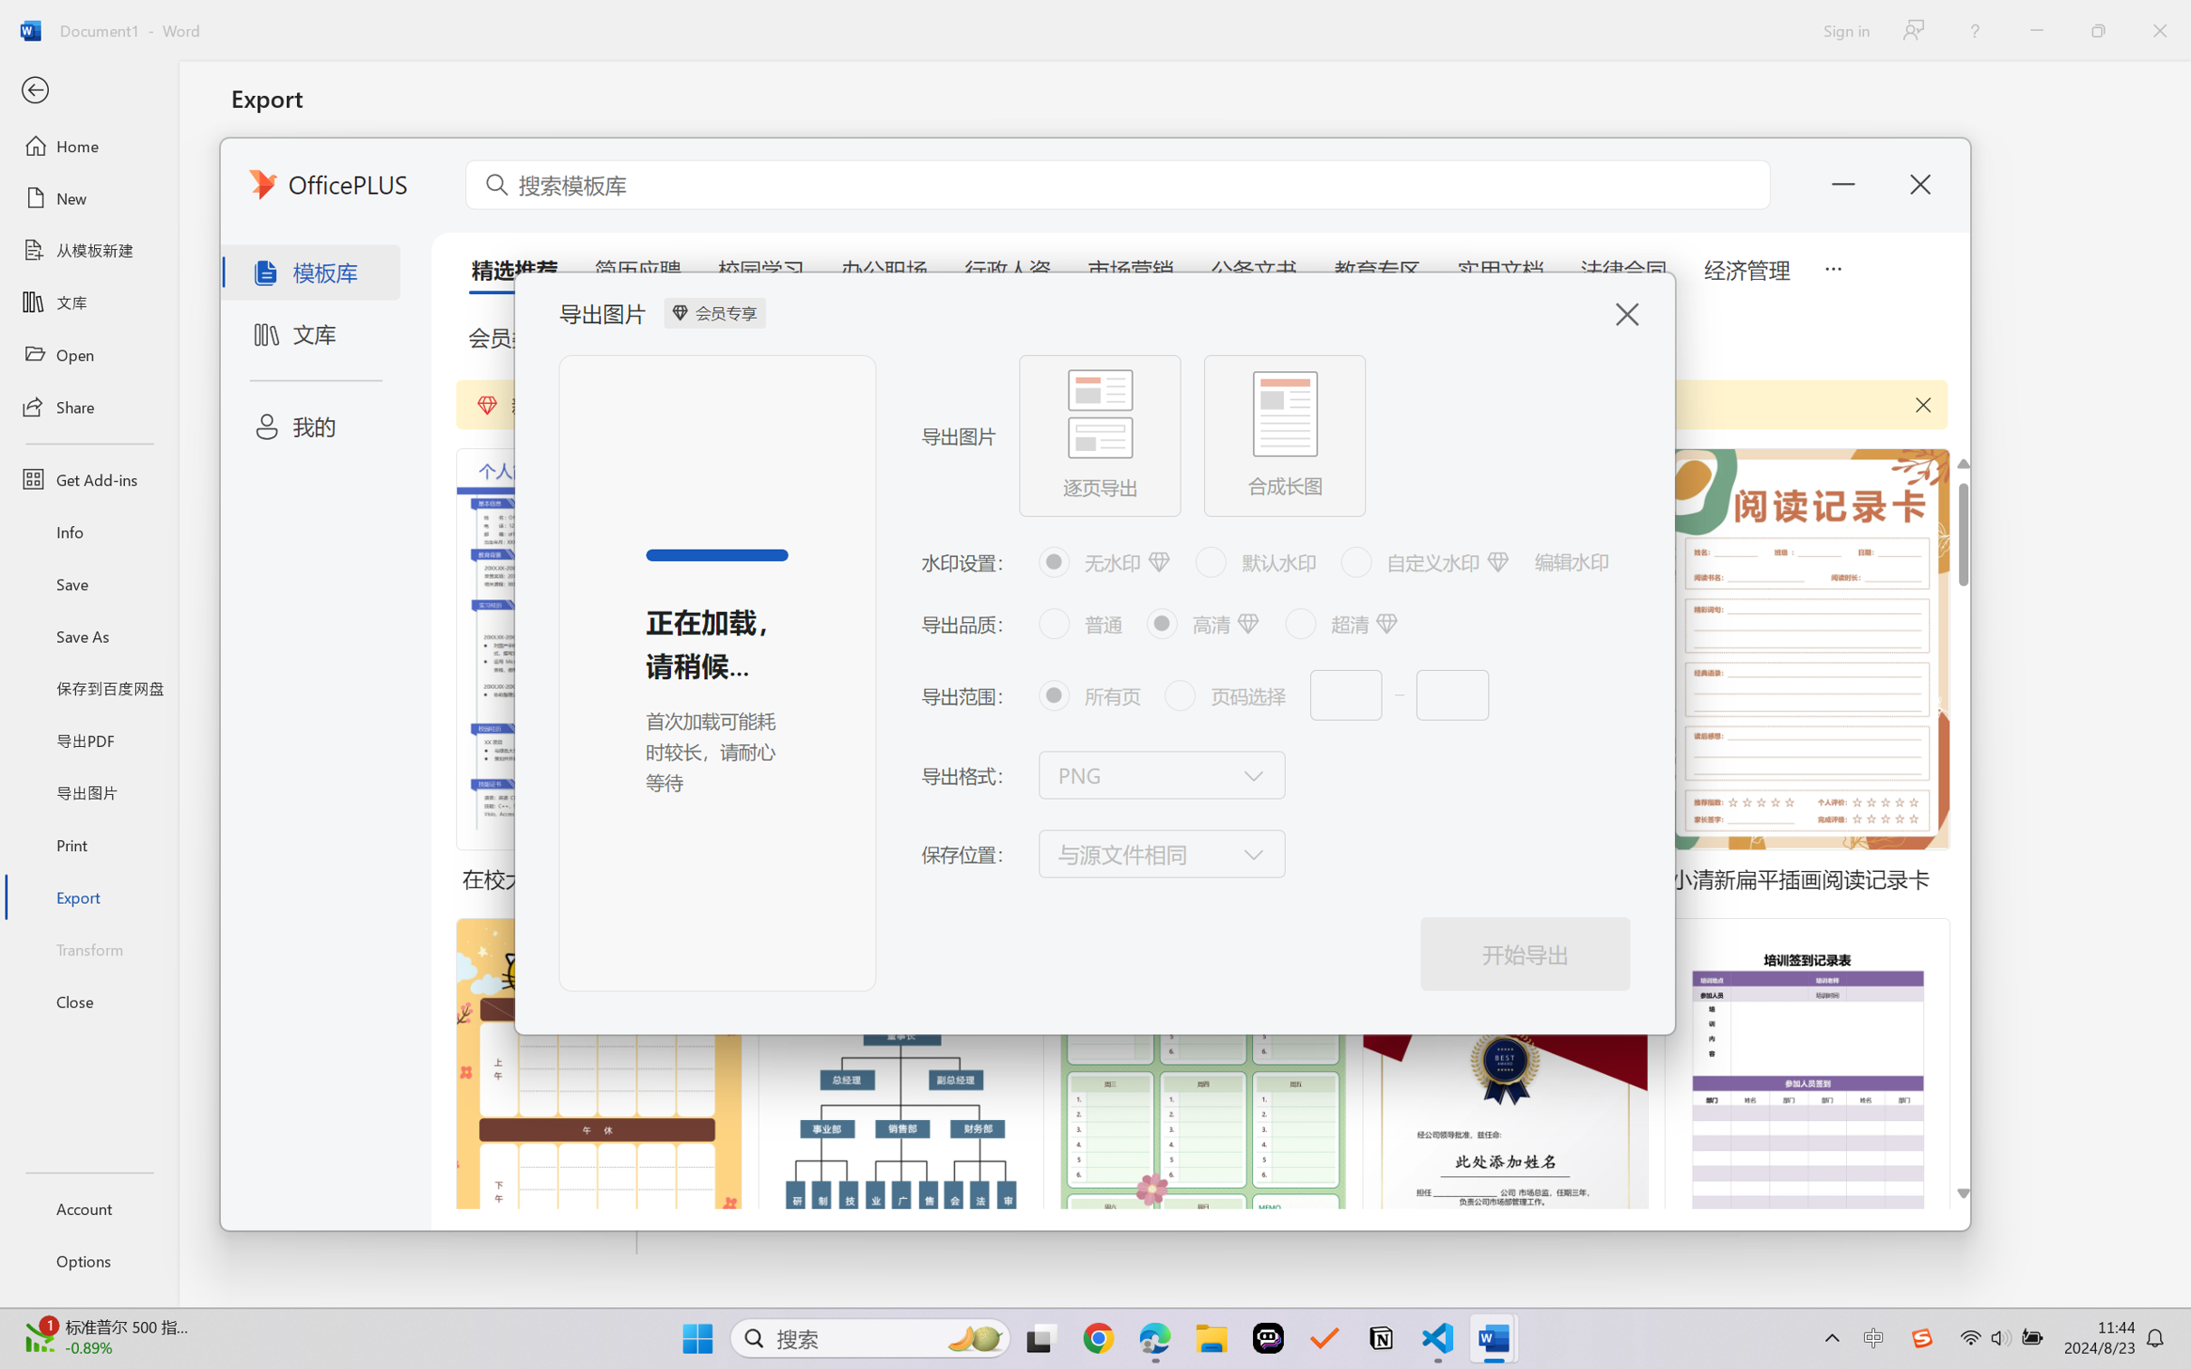  Describe the element at coordinates (88, 845) in the screenshot. I see `'Print'` at that location.